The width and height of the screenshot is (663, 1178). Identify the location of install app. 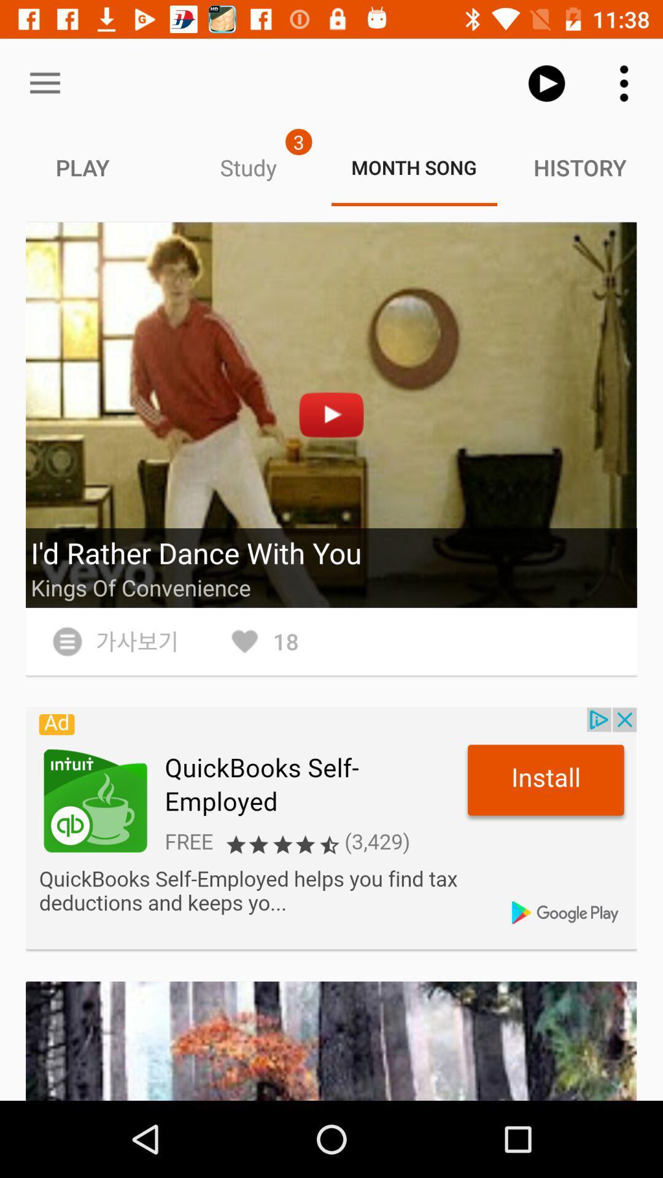
(331, 828).